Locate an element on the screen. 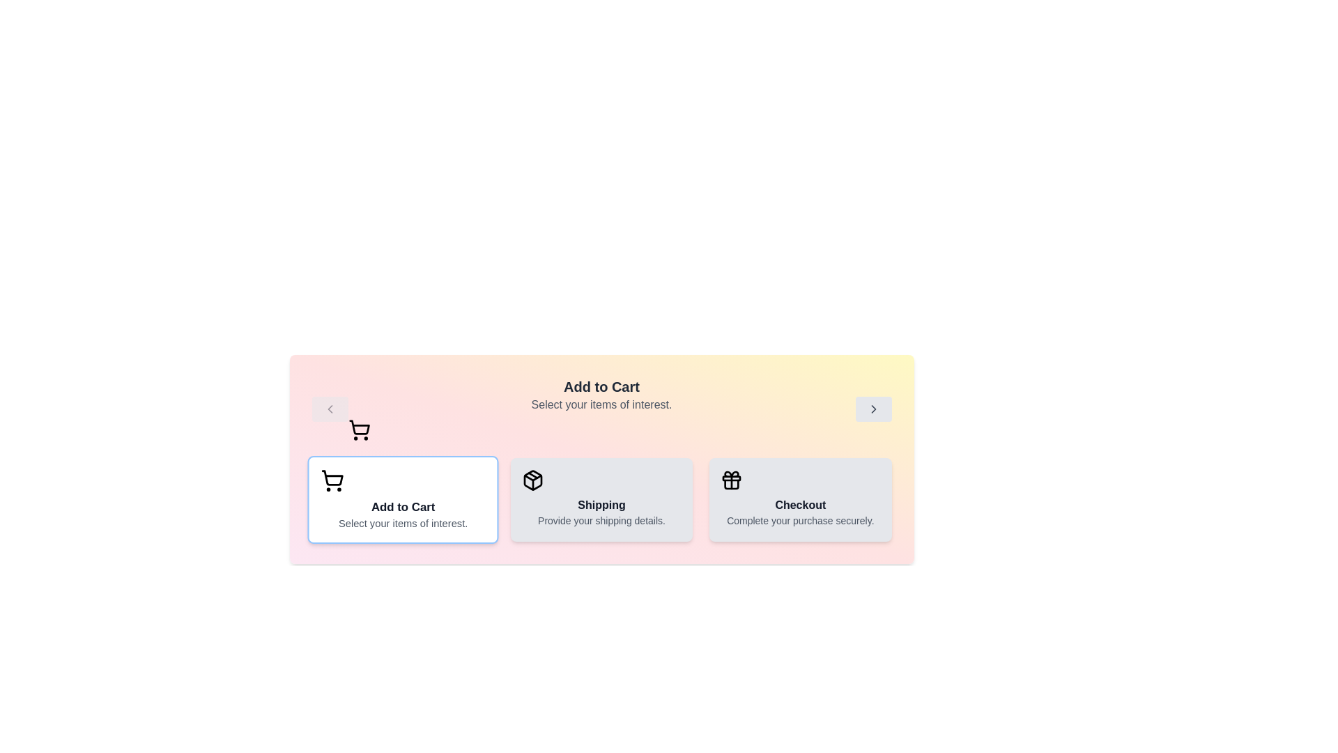 This screenshot has height=753, width=1338. the gift box icon with a minimalist design featuring a bow, located within the third action card labeled 'Checkout' is located at coordinates (731, 480).